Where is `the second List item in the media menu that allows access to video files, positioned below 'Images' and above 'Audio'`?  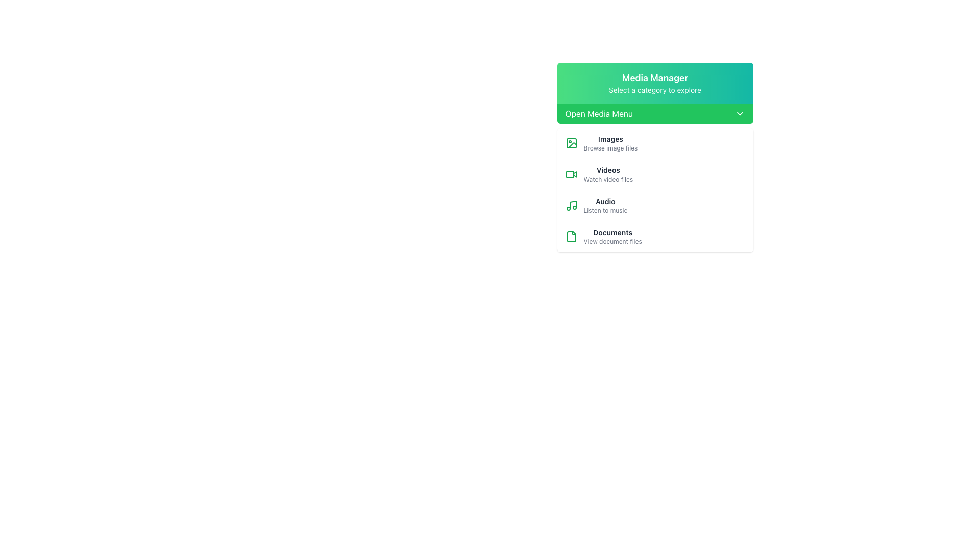 the second List item in the media menu that allows access to video files, positioned below 'Images' and above 'Audio' is located at coordinates (655, 173).